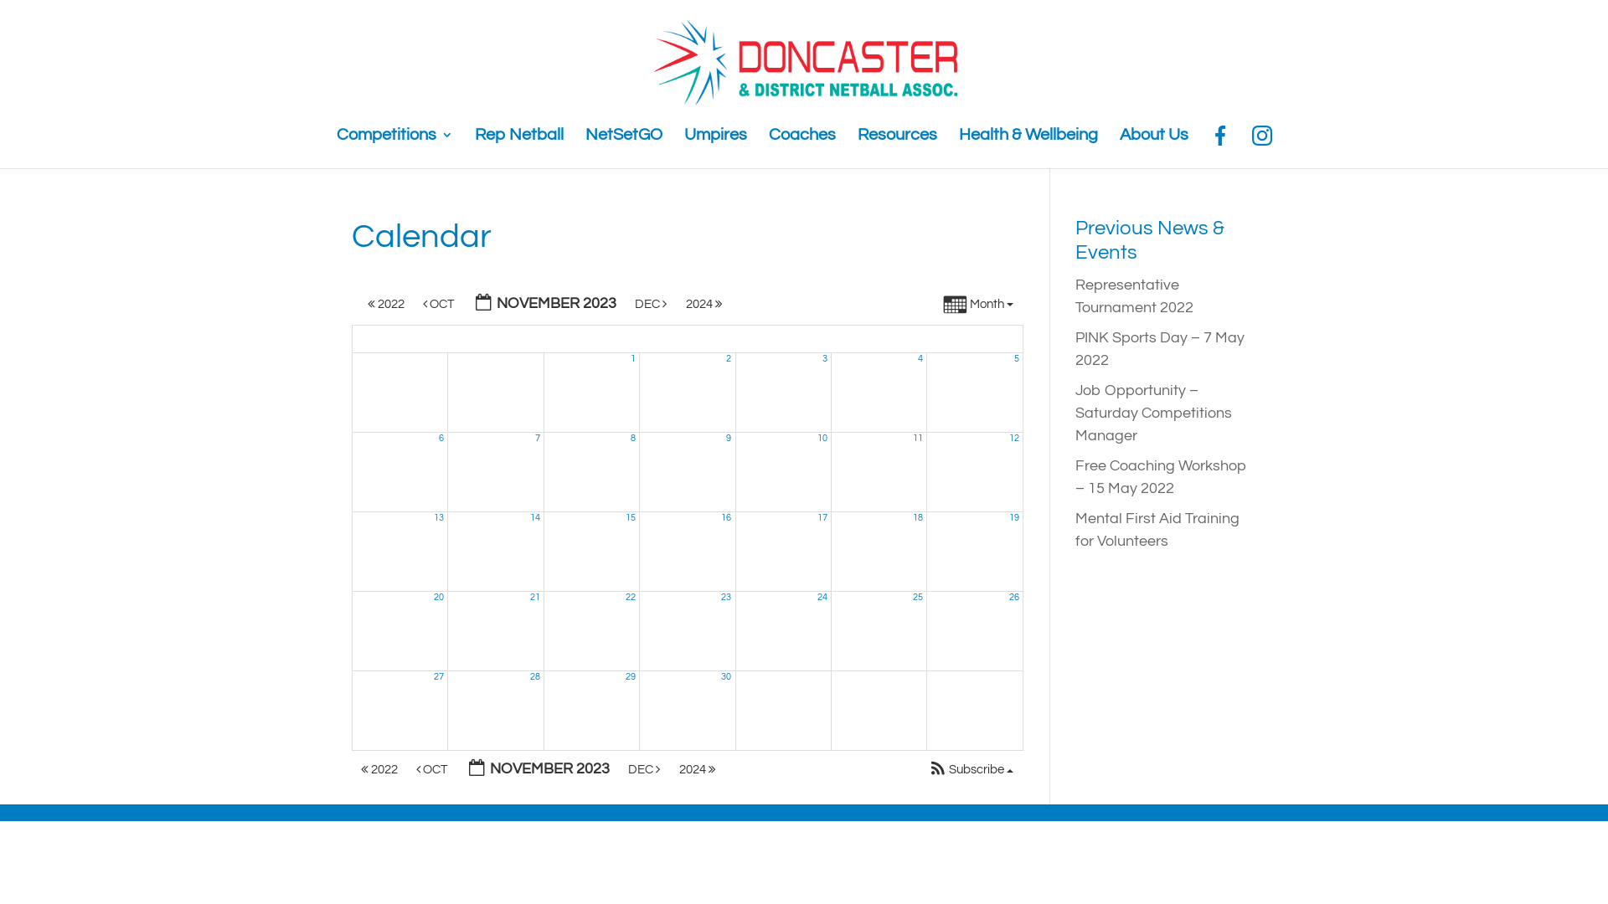  Describe the element at coordinates (463, 305) in the screenshot. I see `'NOVEMBER 2023'` at that location.